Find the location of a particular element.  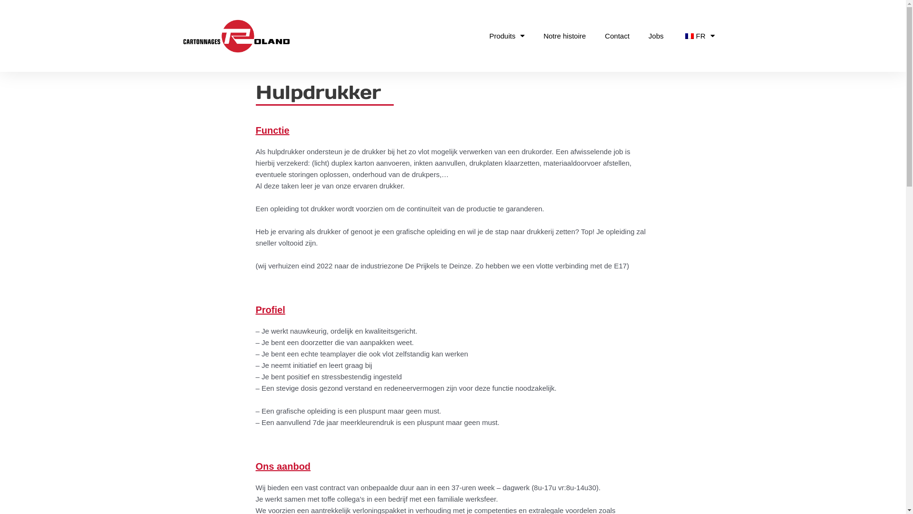

'Jobs' is located at coordinates (639, 36).